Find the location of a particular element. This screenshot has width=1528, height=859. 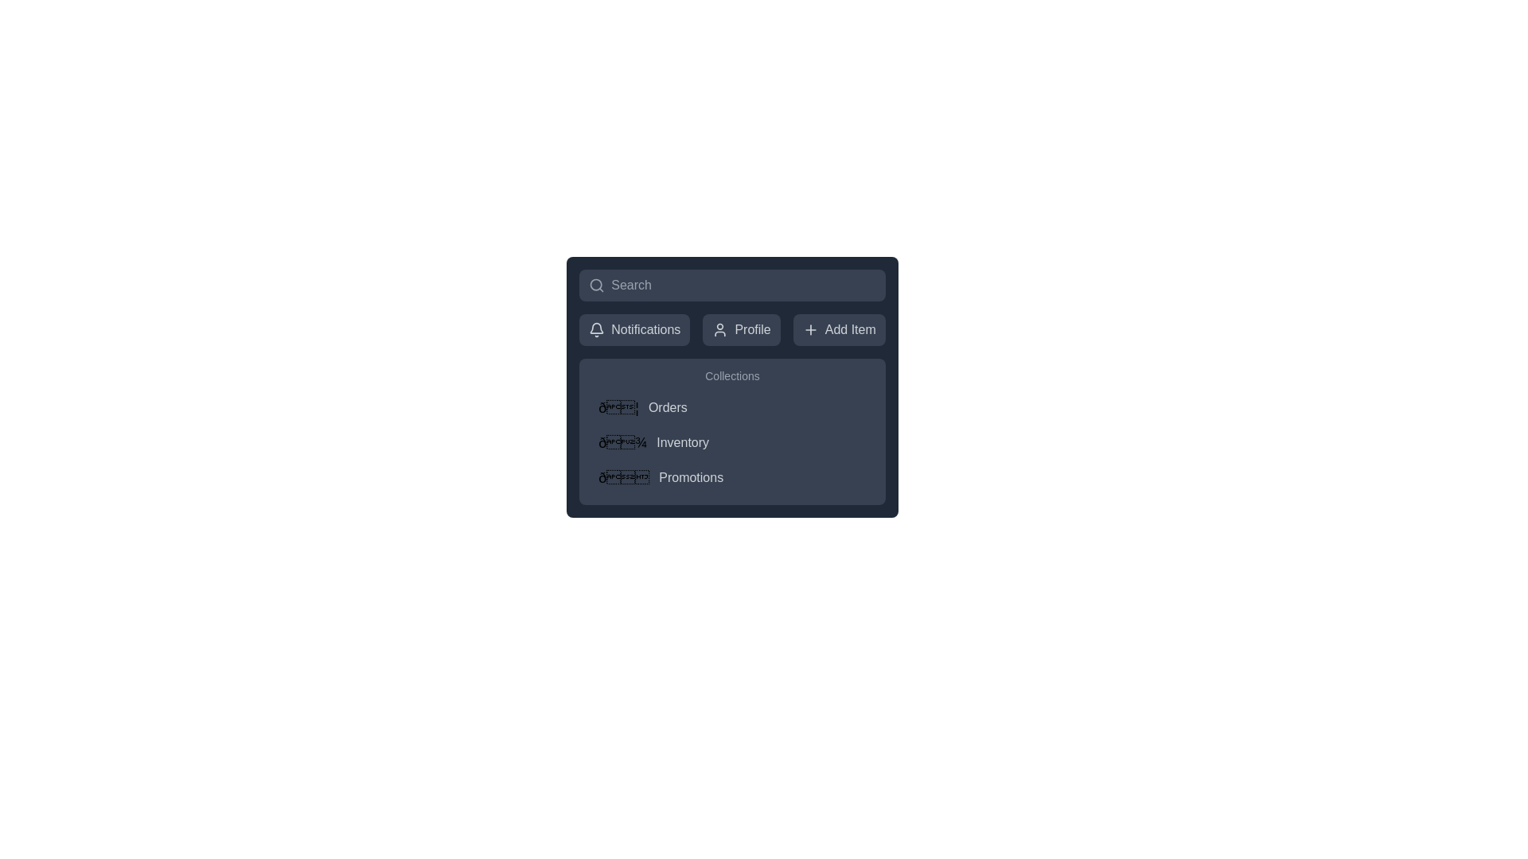

the 'Inventory' menu item, which is the second entry in the 'Collections' section is located at coordinates (731, 442).